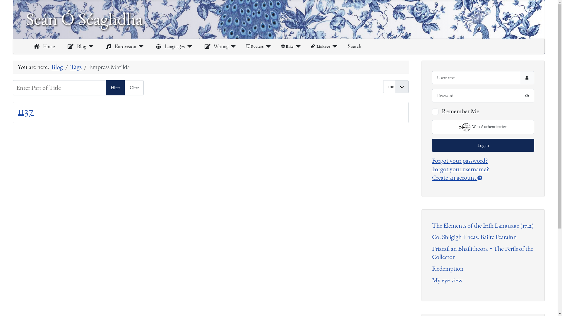  What do you see at coordinates (483, 127) in the screenshot?
I see `'Web Authentication'` at bounding box center [483, 127].